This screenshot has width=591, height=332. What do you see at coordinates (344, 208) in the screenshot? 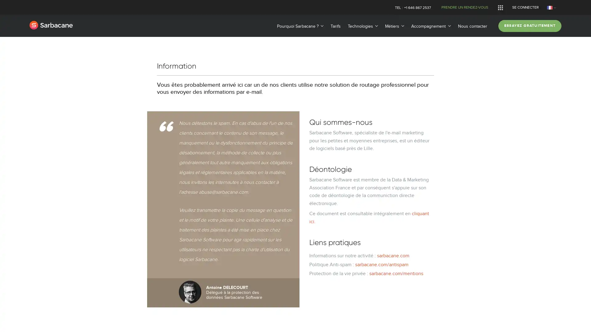
I see `OK pour moi` at bounding box center [344, 208].